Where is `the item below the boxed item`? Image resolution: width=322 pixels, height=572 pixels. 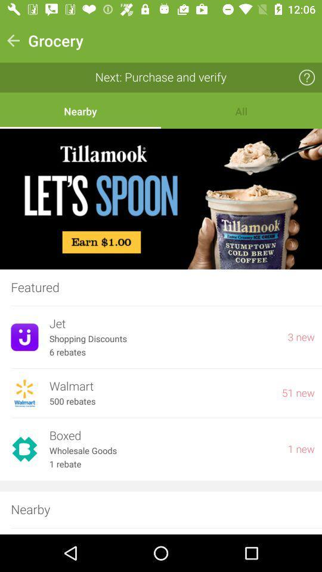 the item below the boxed item is located at coordinates (162, 450).